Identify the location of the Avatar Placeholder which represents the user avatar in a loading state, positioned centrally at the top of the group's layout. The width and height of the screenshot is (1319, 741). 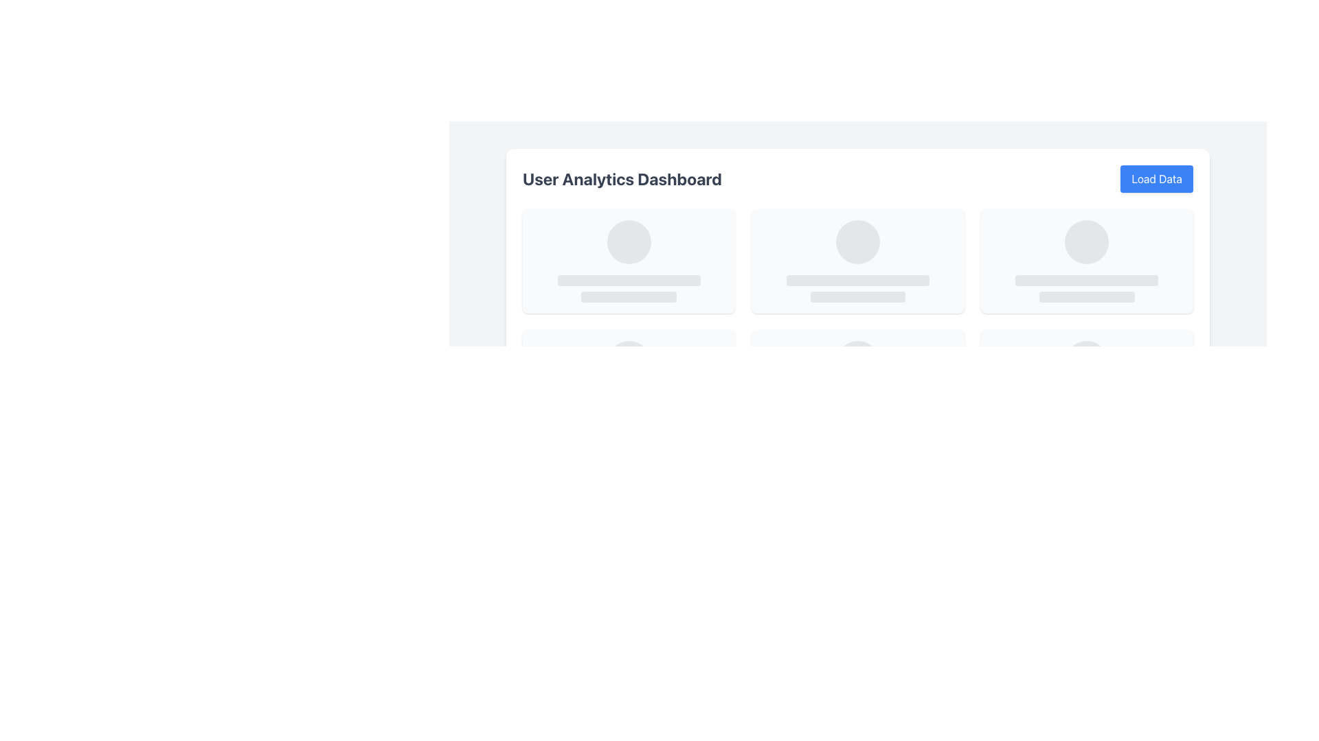
(857, 362).